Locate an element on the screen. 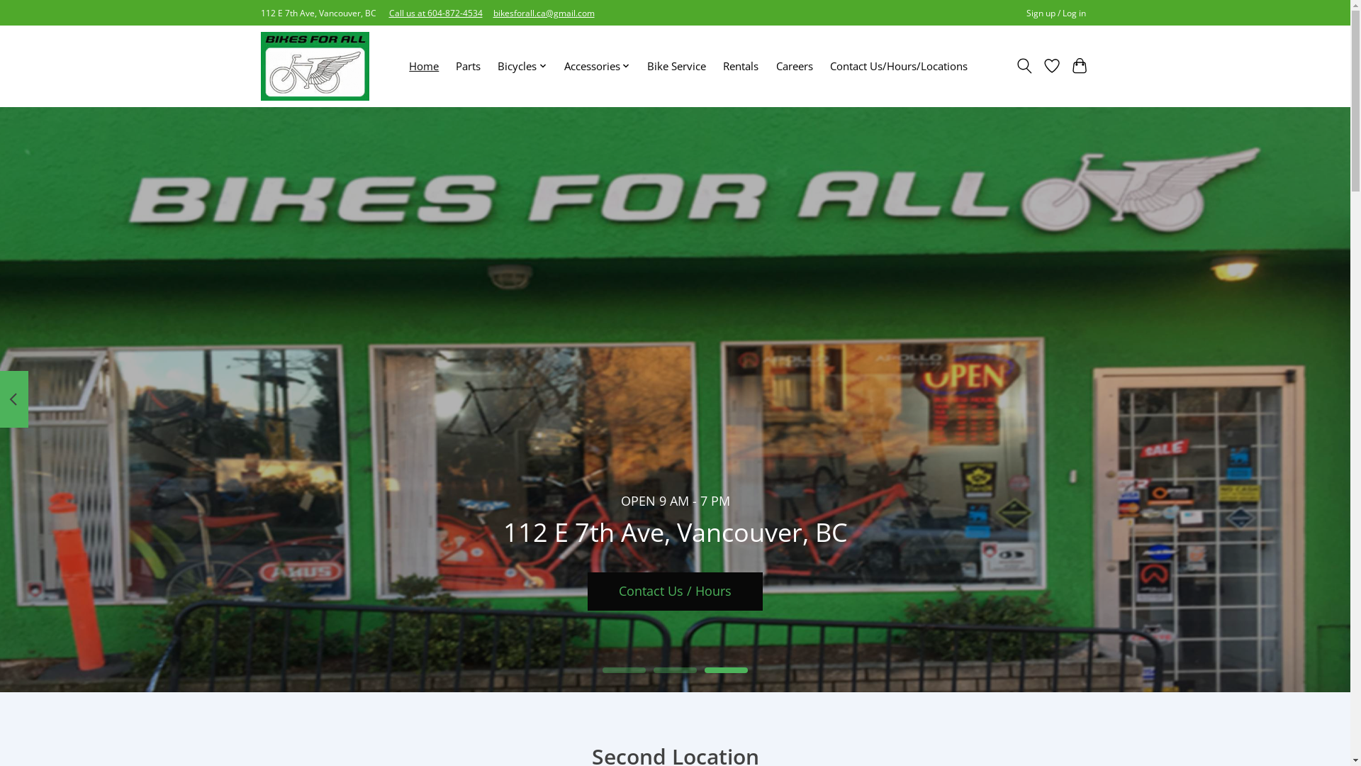 The width and height of the screenshot is (1361, 766). 'Parts' is located at coordinates (449, 66).